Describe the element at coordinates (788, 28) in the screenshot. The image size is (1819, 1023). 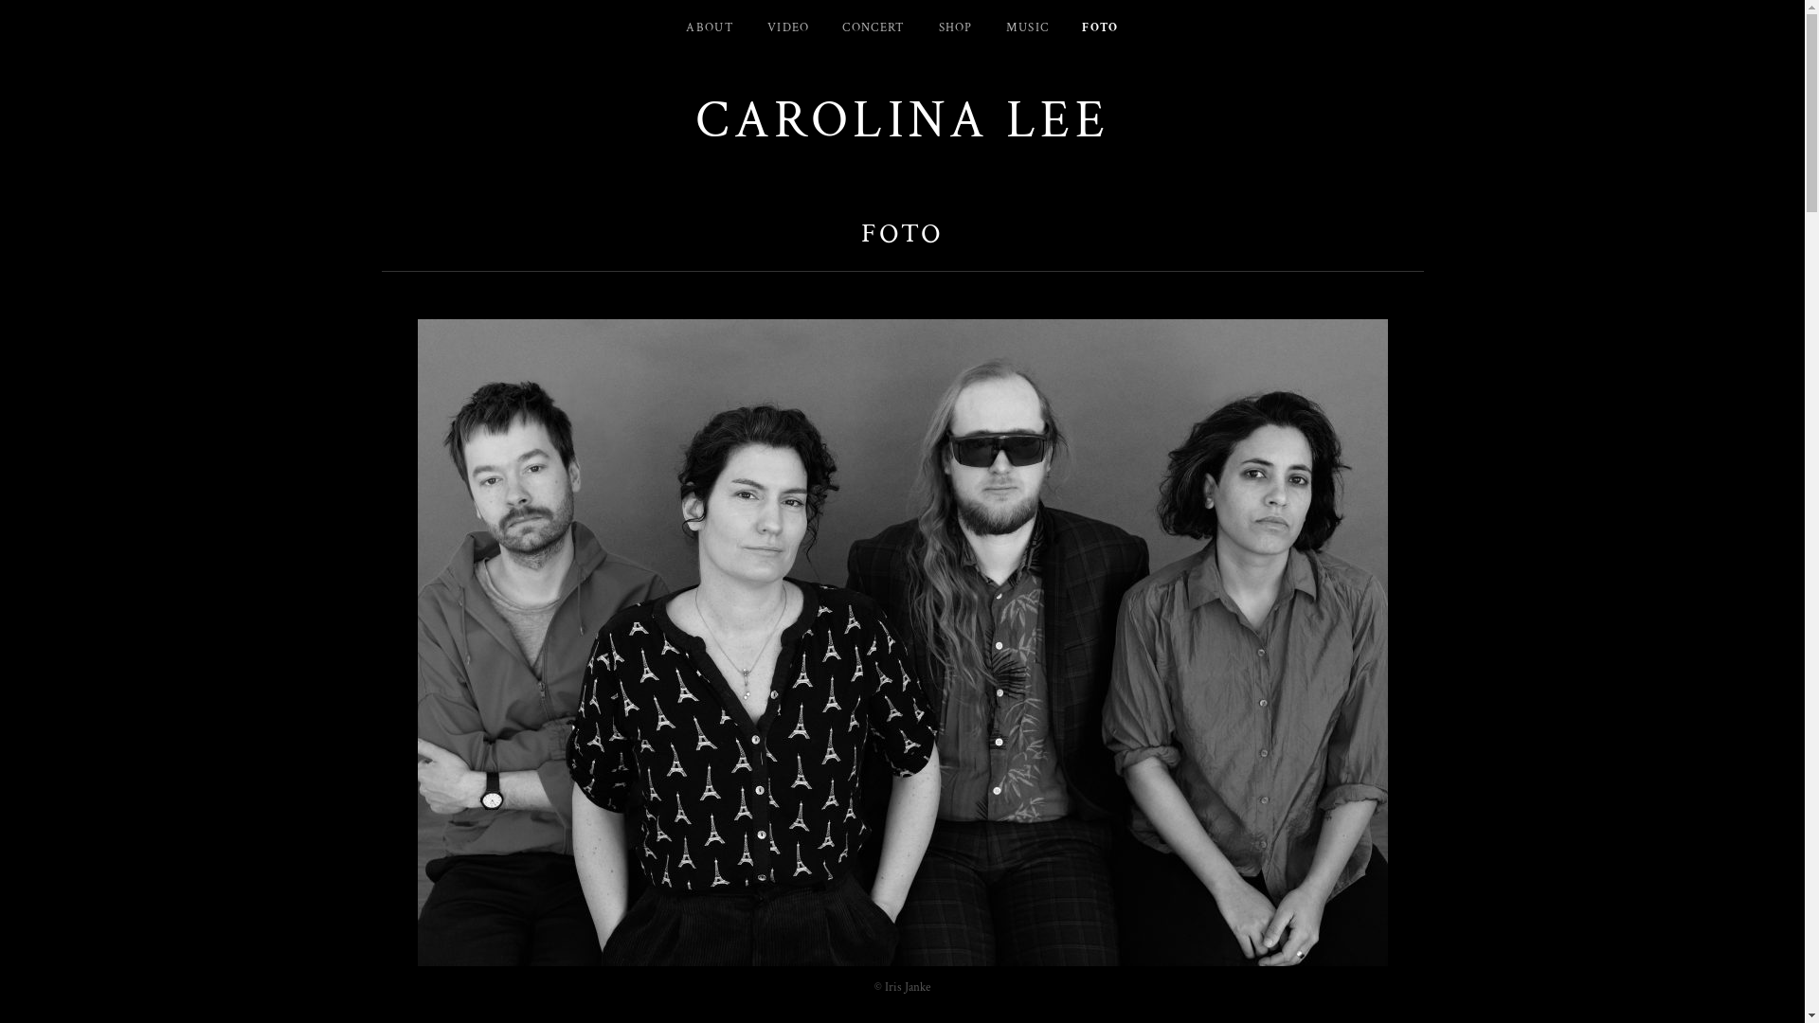
I see `'VIDEO'` at that location.